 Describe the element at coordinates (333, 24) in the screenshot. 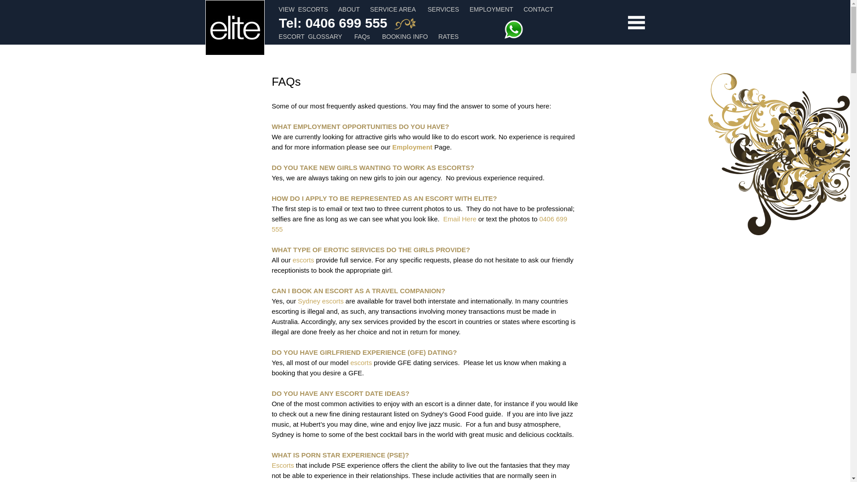

I see `'Tel: 0406 699 555'` at that location.